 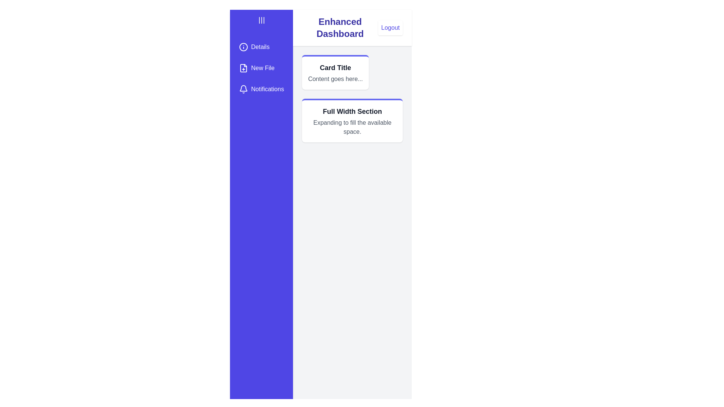 I want to click on the 'Enhanced Dashboard' text label, which is displayed in bold, extra-large indigo sans-serif font, located at the top of the main content area, adjacent to the header, so click(x=340, y=27).